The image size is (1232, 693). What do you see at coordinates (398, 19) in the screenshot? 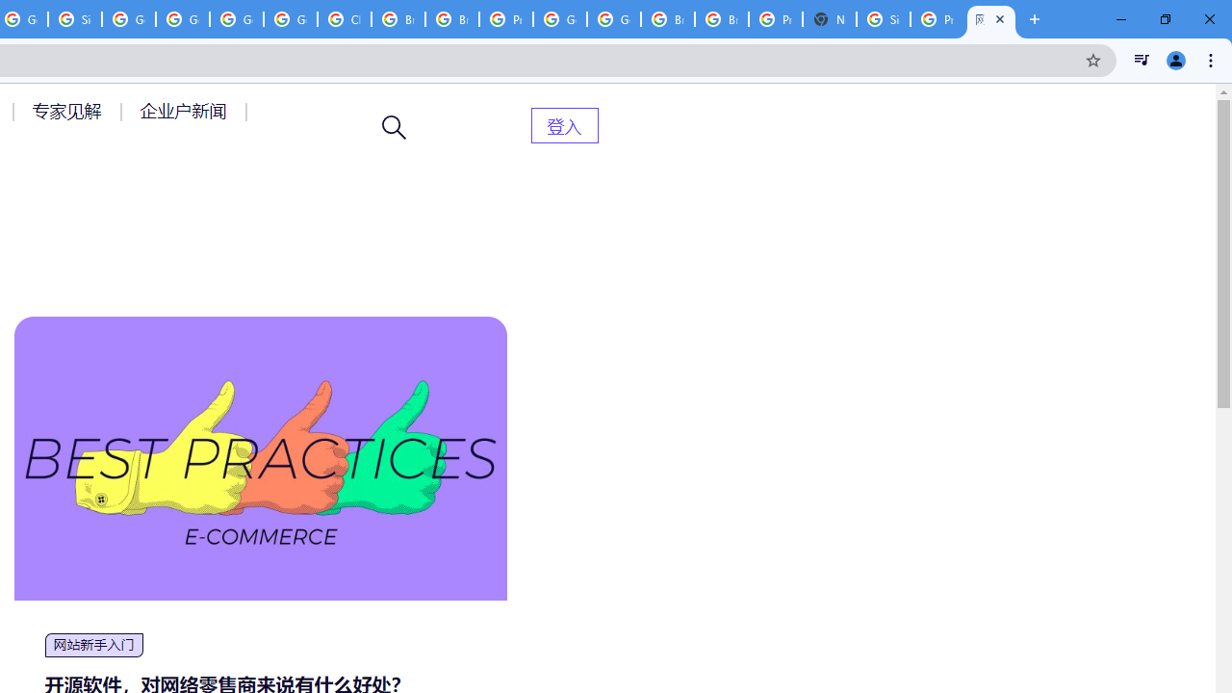
I see `'Browse Chrome as a guest - Computer - Google Chrome Help'` at bounding box center [398, 19].